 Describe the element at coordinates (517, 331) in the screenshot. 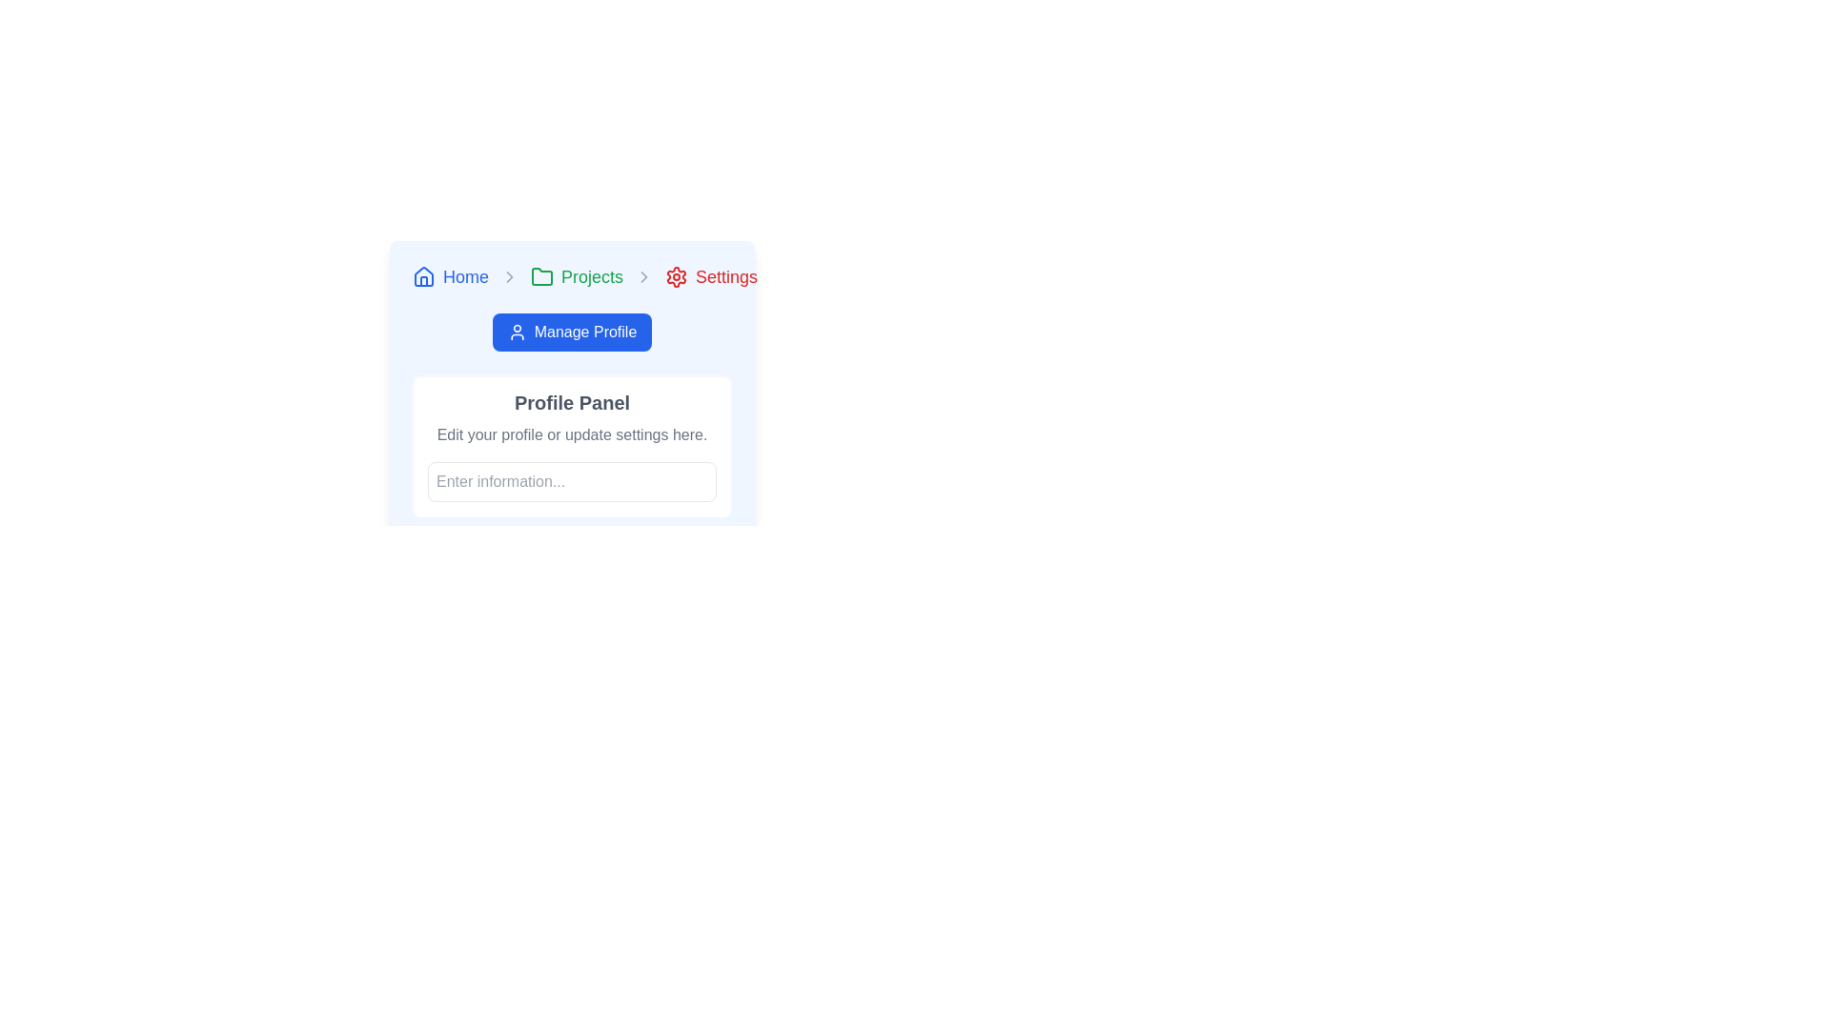

I see `the person icon within the 'Manage Profile' button, which is represented by a line drawing and circular head, located centrally near the top of the component layout` at that location.